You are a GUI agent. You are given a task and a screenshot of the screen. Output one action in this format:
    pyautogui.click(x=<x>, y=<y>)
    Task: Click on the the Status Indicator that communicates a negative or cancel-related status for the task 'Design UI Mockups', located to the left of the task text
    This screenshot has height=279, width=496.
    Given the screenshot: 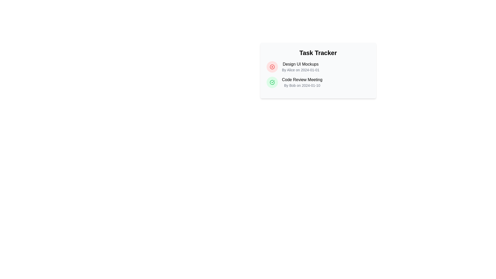 What is the action you would take?
    pyautogui.click(x=272, y=66)
    